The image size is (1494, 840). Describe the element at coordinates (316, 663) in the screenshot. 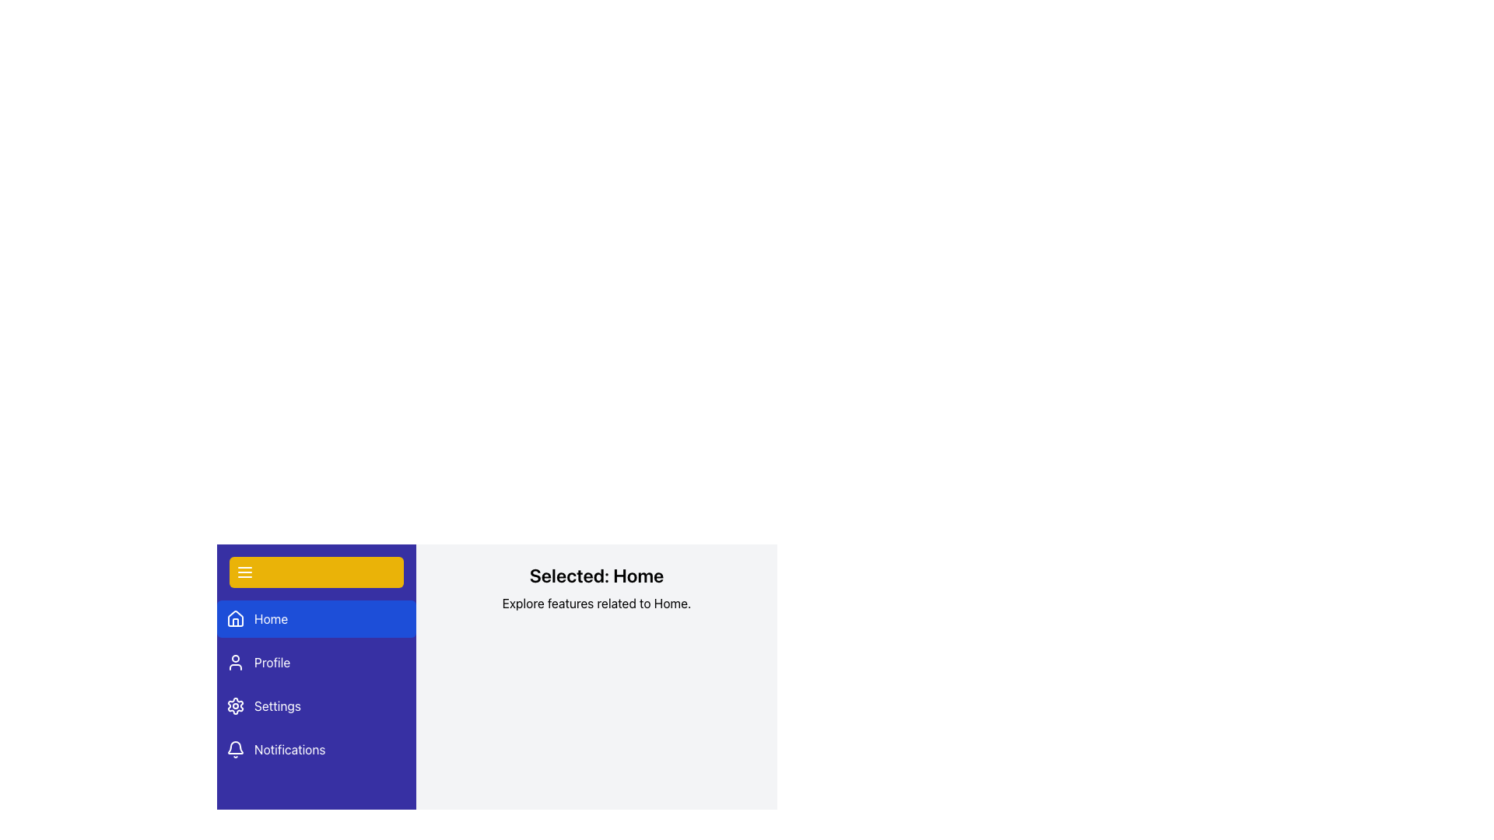

I see `the second button in the vertical navigation list on the left side of the interface` at that location.